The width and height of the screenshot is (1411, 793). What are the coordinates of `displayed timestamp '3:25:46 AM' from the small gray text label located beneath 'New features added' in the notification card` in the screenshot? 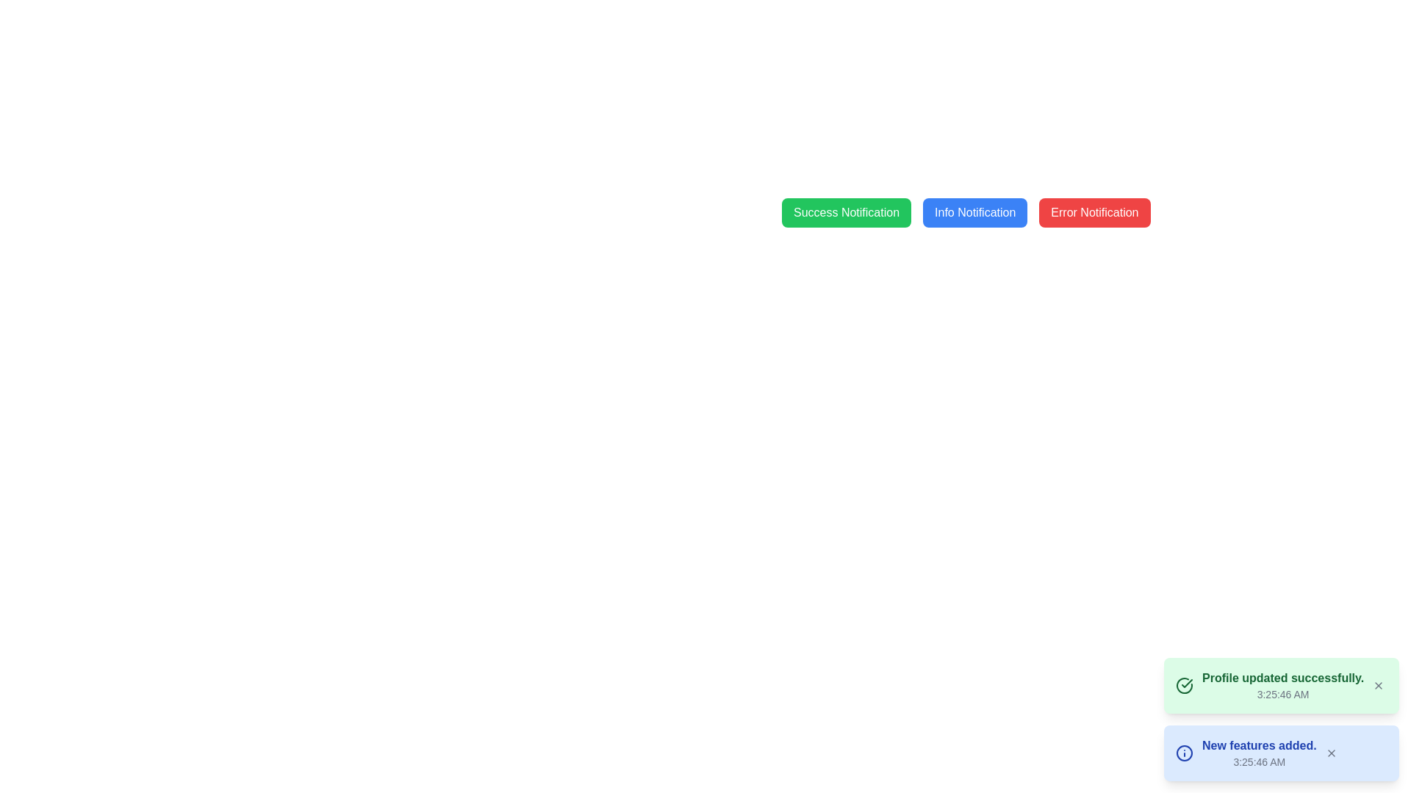 It's located at (1258, 761).